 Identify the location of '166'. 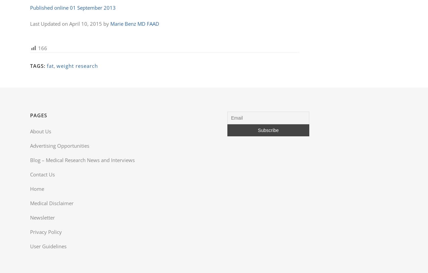
(38, 48).